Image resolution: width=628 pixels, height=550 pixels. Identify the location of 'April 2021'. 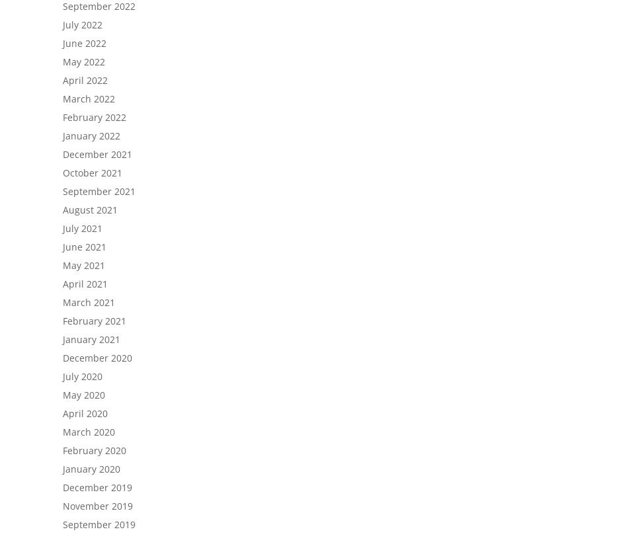
(85, 284).